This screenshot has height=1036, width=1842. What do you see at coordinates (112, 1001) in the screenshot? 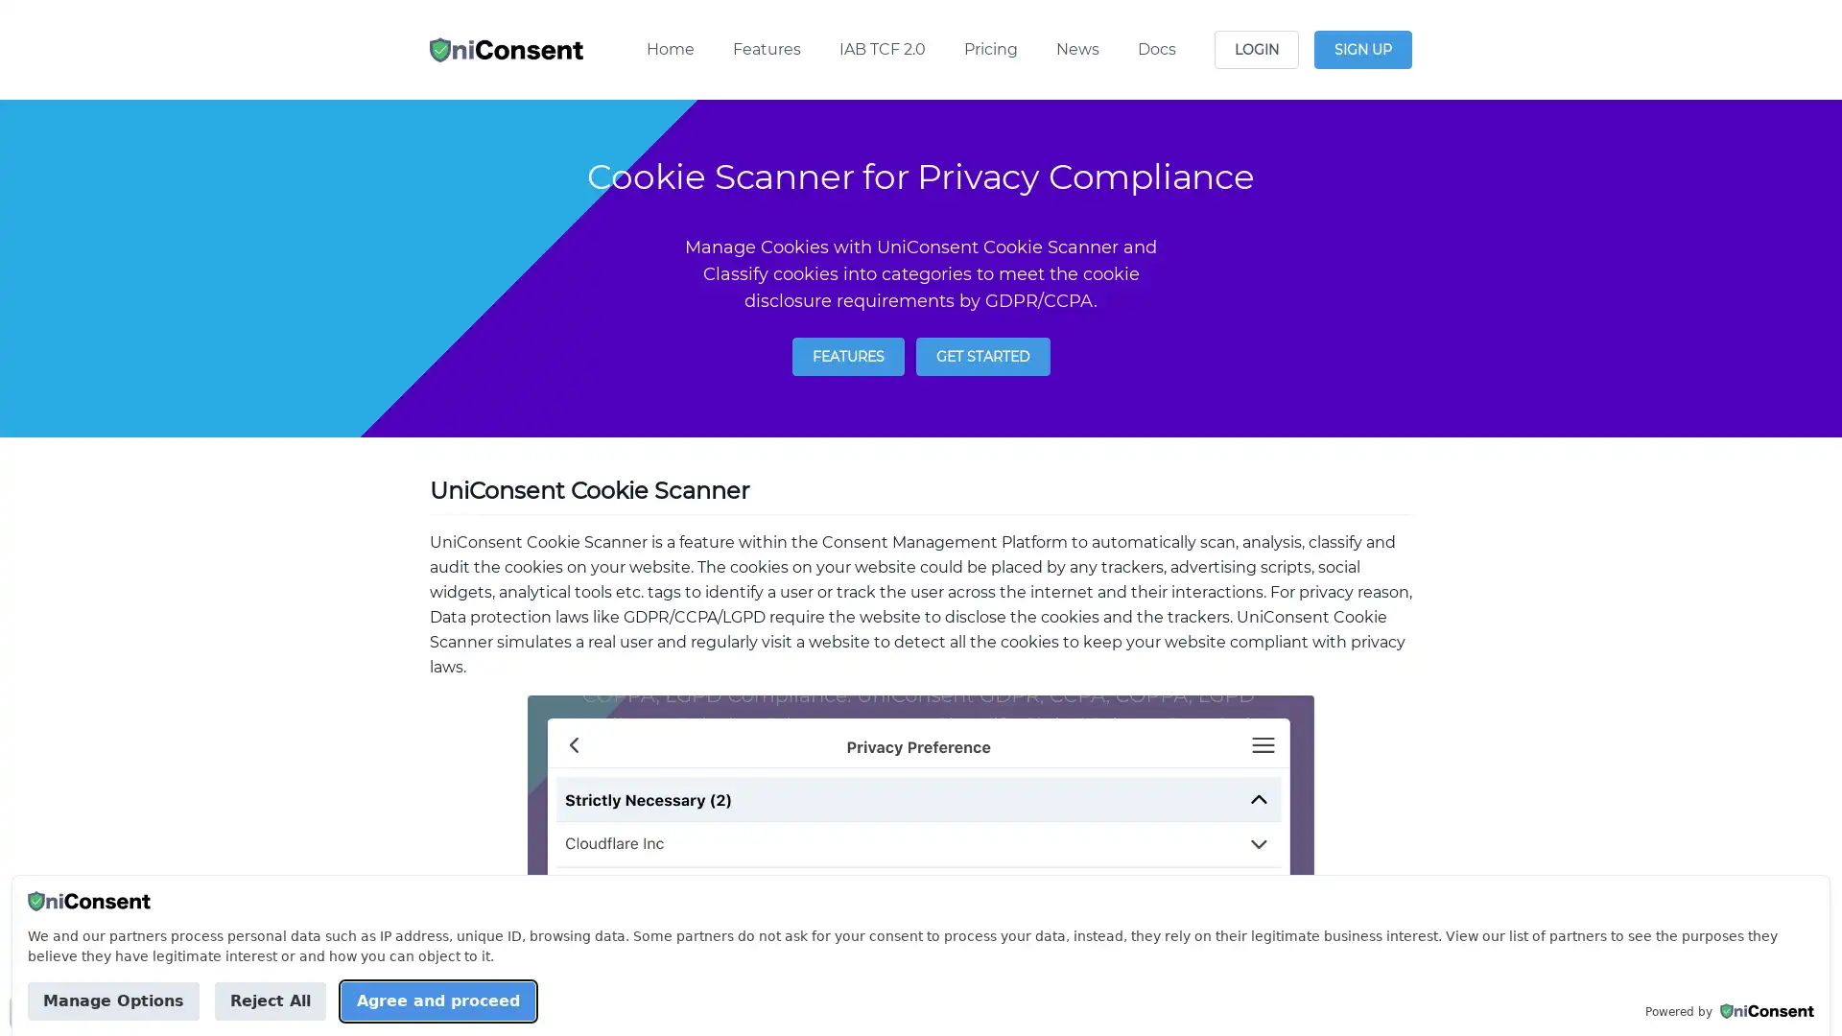
I see `Manage Options` at bounding box center [112, 1001].